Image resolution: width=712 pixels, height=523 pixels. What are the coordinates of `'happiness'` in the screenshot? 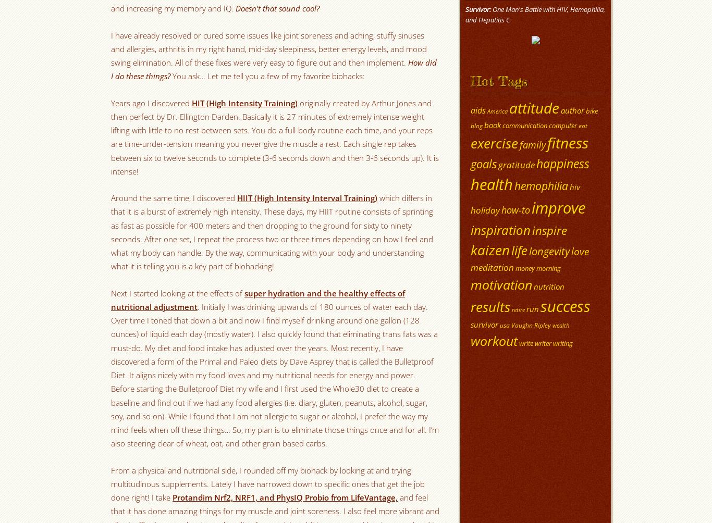 It's located at (562, 163).